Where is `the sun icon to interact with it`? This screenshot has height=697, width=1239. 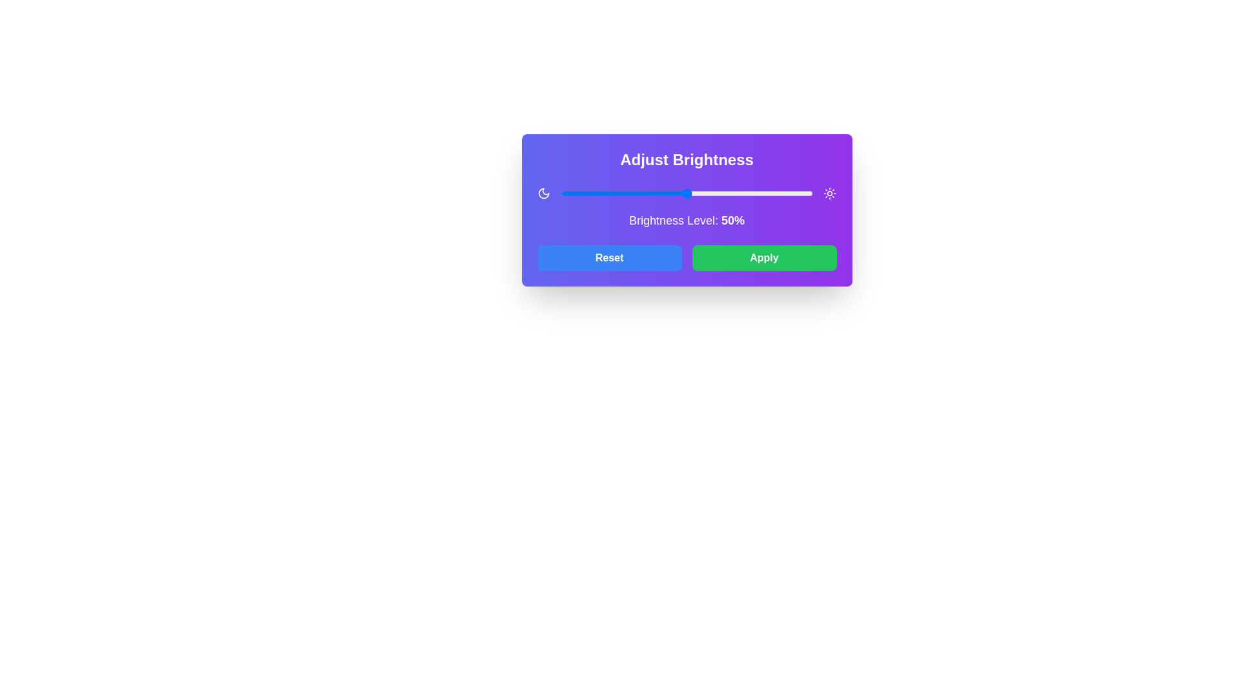 the sun icon to interact with it is located at coordinates (830, 194).